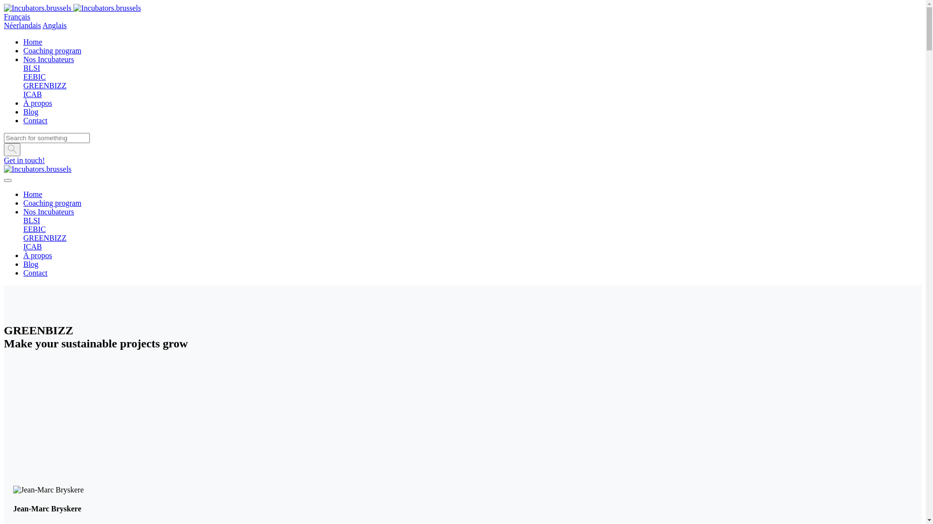 Image resolution: width=933 pixels, height=524 pixels. What do you see at coordinates (23, 238) in the screenshot?
I see `'GREENBIZZ'` at bounding box center [23, 238].